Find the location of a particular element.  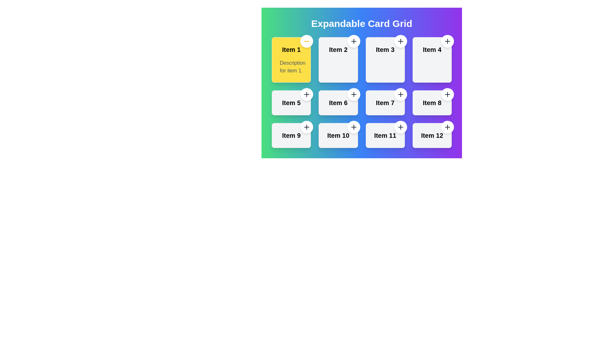

the plus icon button located at the top-right corner of the 'Item 10' card for keyboard navigation or accessibility purposes is located at coordinates (353, 127).